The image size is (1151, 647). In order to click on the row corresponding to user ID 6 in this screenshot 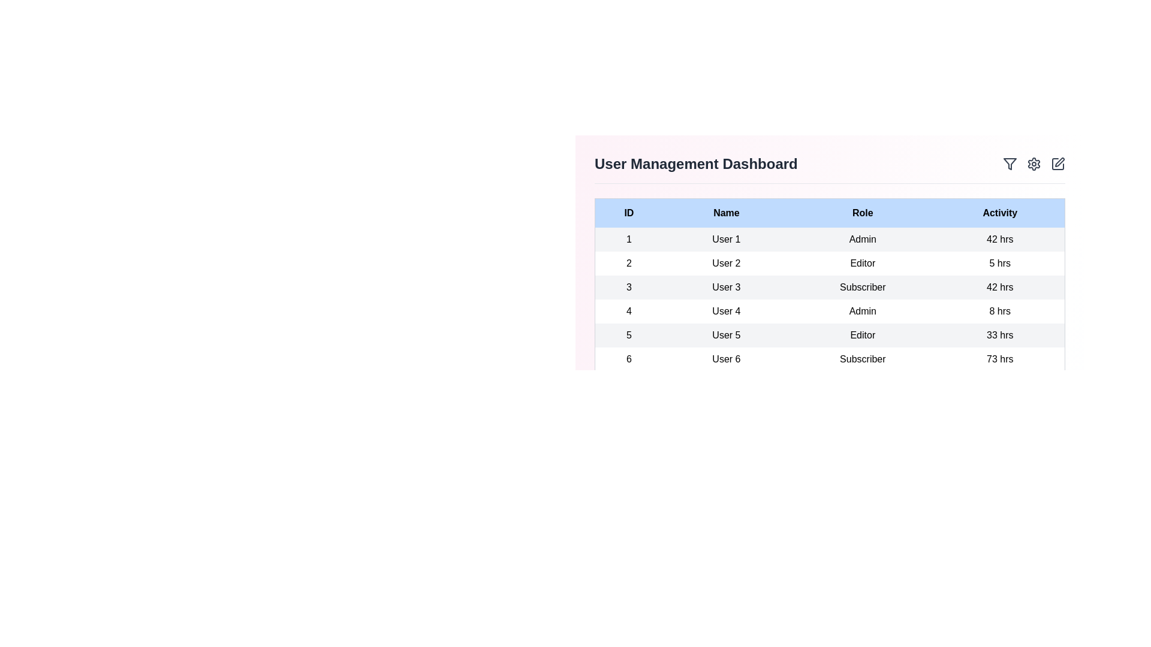, I will do `click(829, 359)`.